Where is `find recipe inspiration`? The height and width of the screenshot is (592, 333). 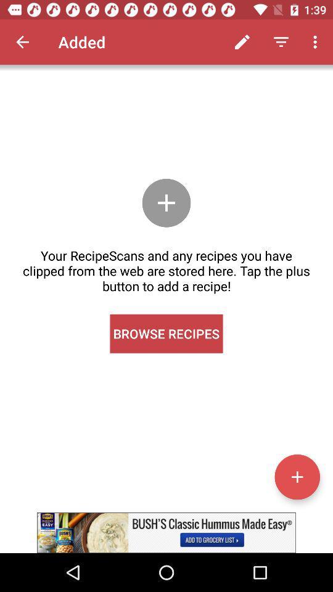
find recipe inspiration is located at coordinates (166, 532).